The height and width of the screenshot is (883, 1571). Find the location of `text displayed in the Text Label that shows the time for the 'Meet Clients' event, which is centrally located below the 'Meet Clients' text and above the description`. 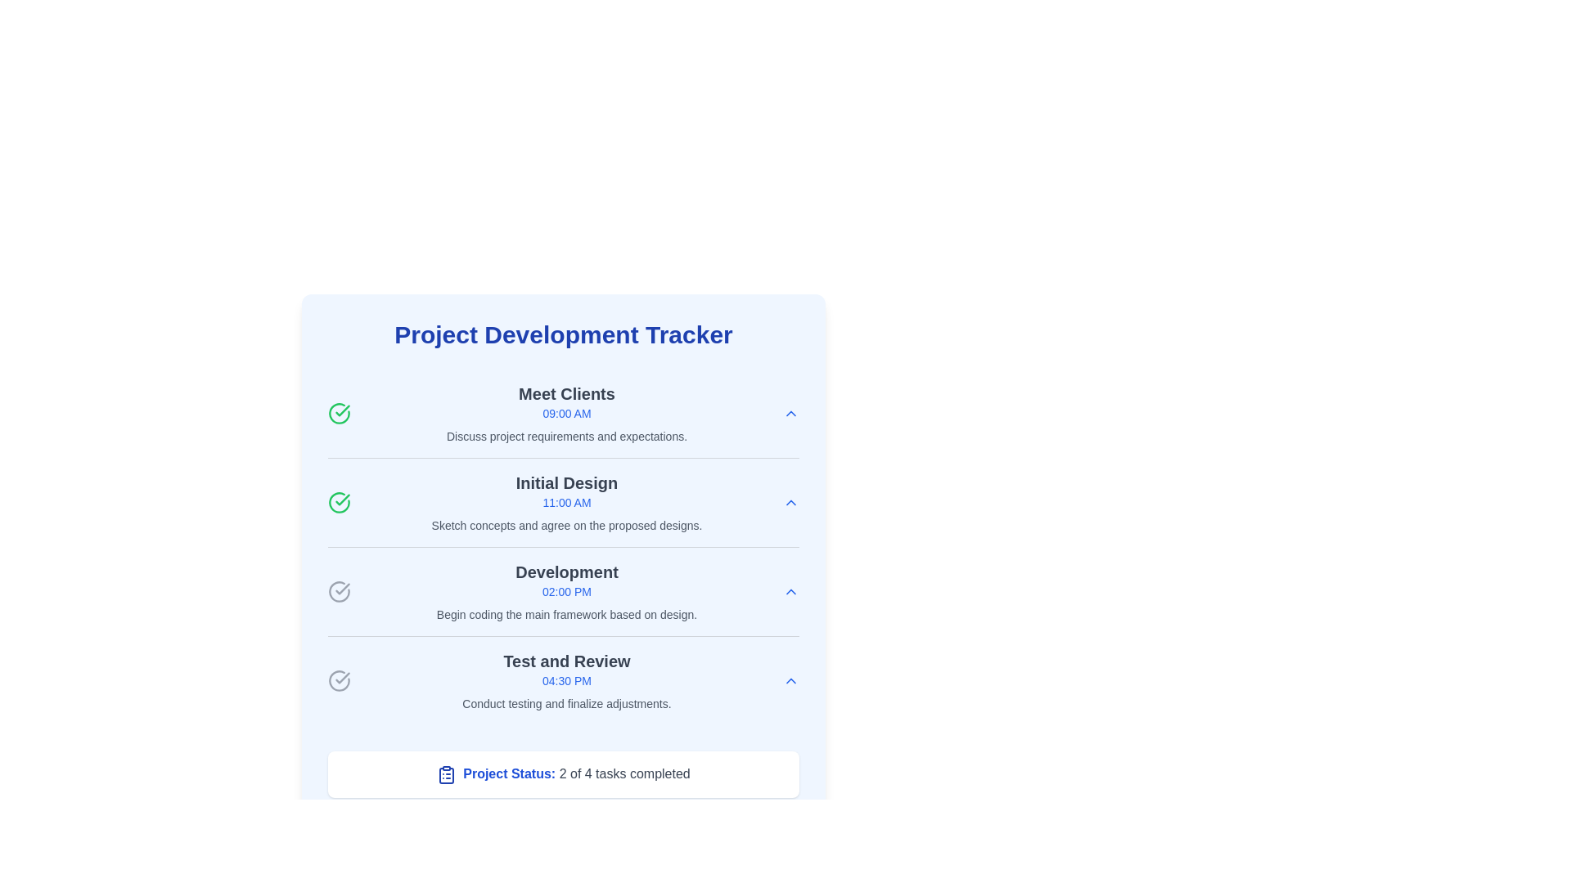

text displayed in the Text Label that shows the time for the 'Meet Clients' event, which is centrally located below the 'Meet Clients' text and above the description is located at coordinates (566, 412).